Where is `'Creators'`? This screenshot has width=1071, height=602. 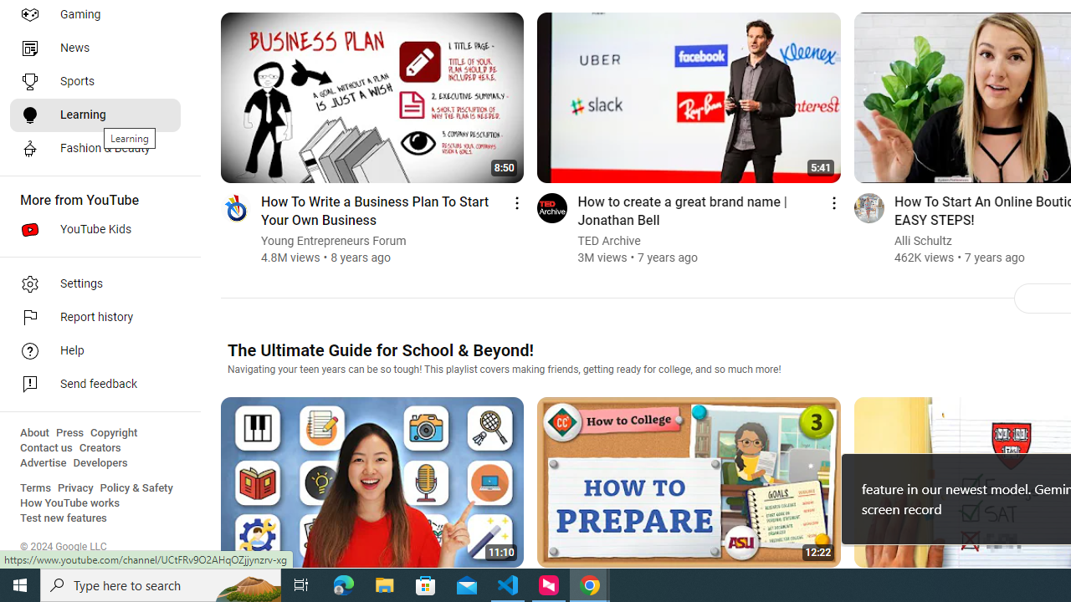
'Creators' is located at coordinates (99, 447).